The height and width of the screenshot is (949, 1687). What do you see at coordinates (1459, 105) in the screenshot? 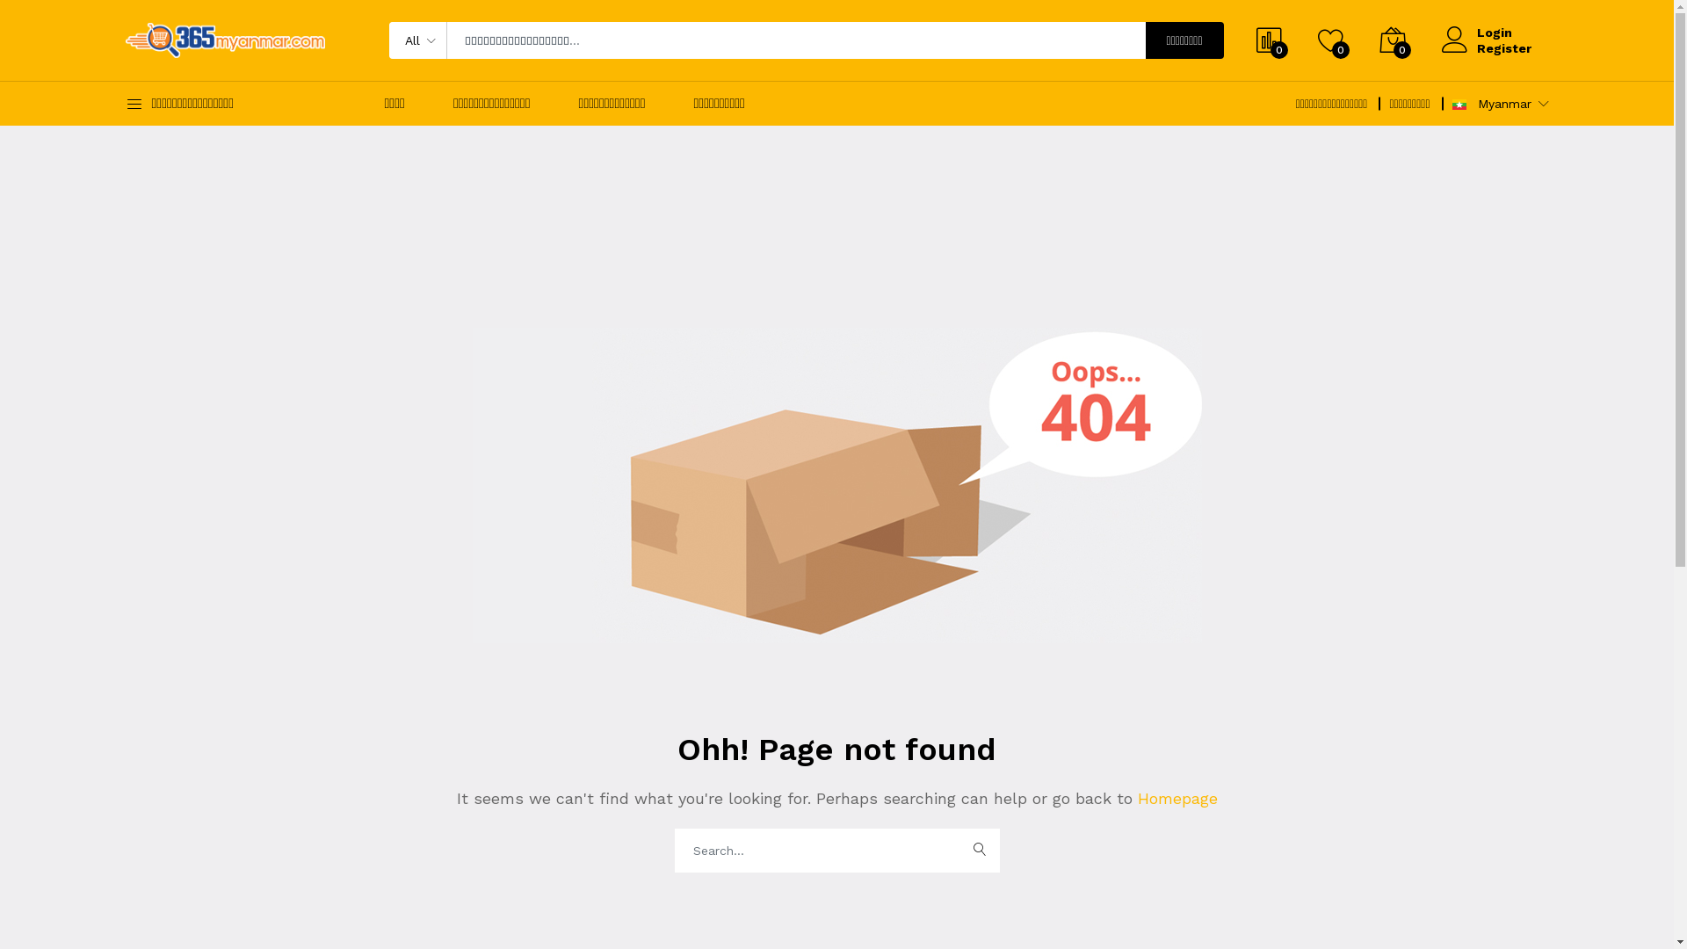
I see `'Myanmar'` at bounding box center [1459, 105].